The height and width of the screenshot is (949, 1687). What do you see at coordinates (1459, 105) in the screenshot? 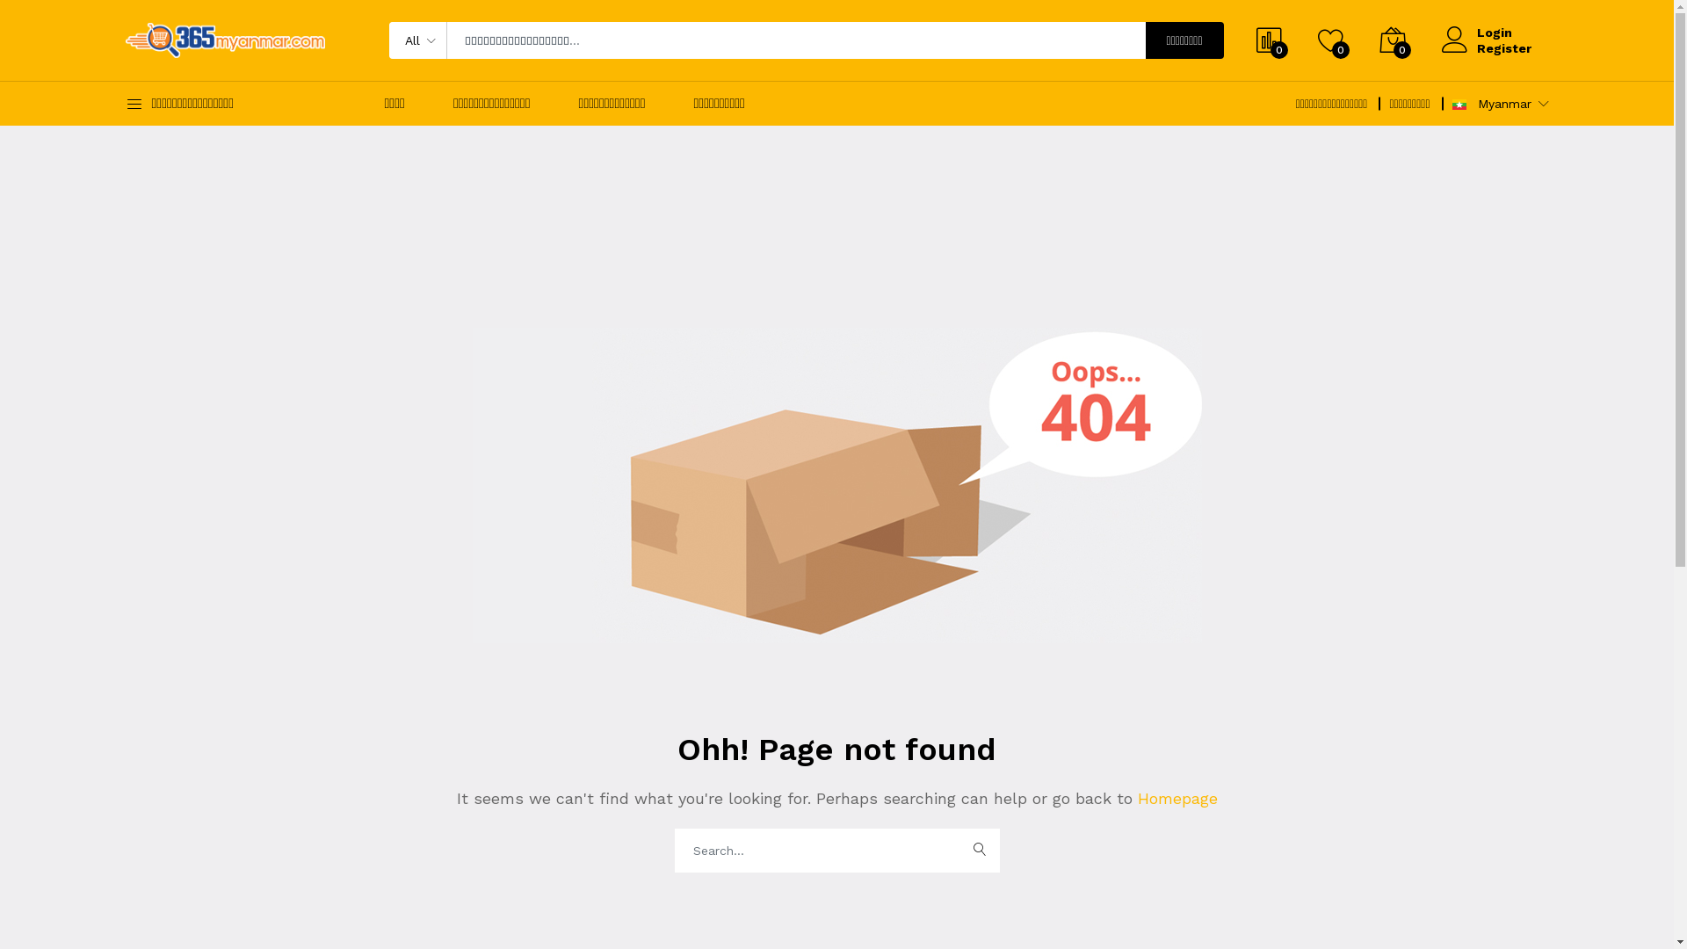
I see `'Myanmar'` at bounding box center [1459, 105].